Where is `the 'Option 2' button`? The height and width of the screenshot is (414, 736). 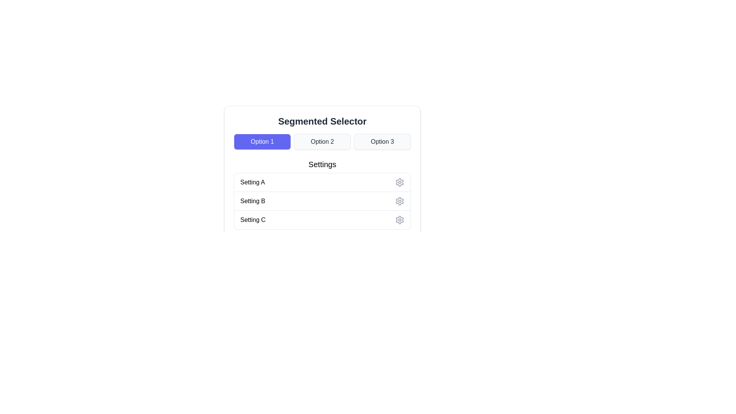 the 'Option 2' button is located at coordinates (322, 142).